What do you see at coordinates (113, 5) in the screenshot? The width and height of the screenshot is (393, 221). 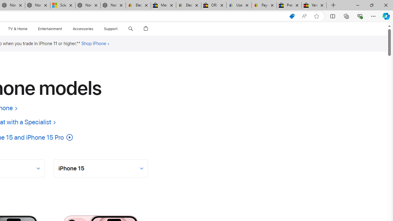 I see `'Nordace - FAQ'` at bounding box center [113, 5].